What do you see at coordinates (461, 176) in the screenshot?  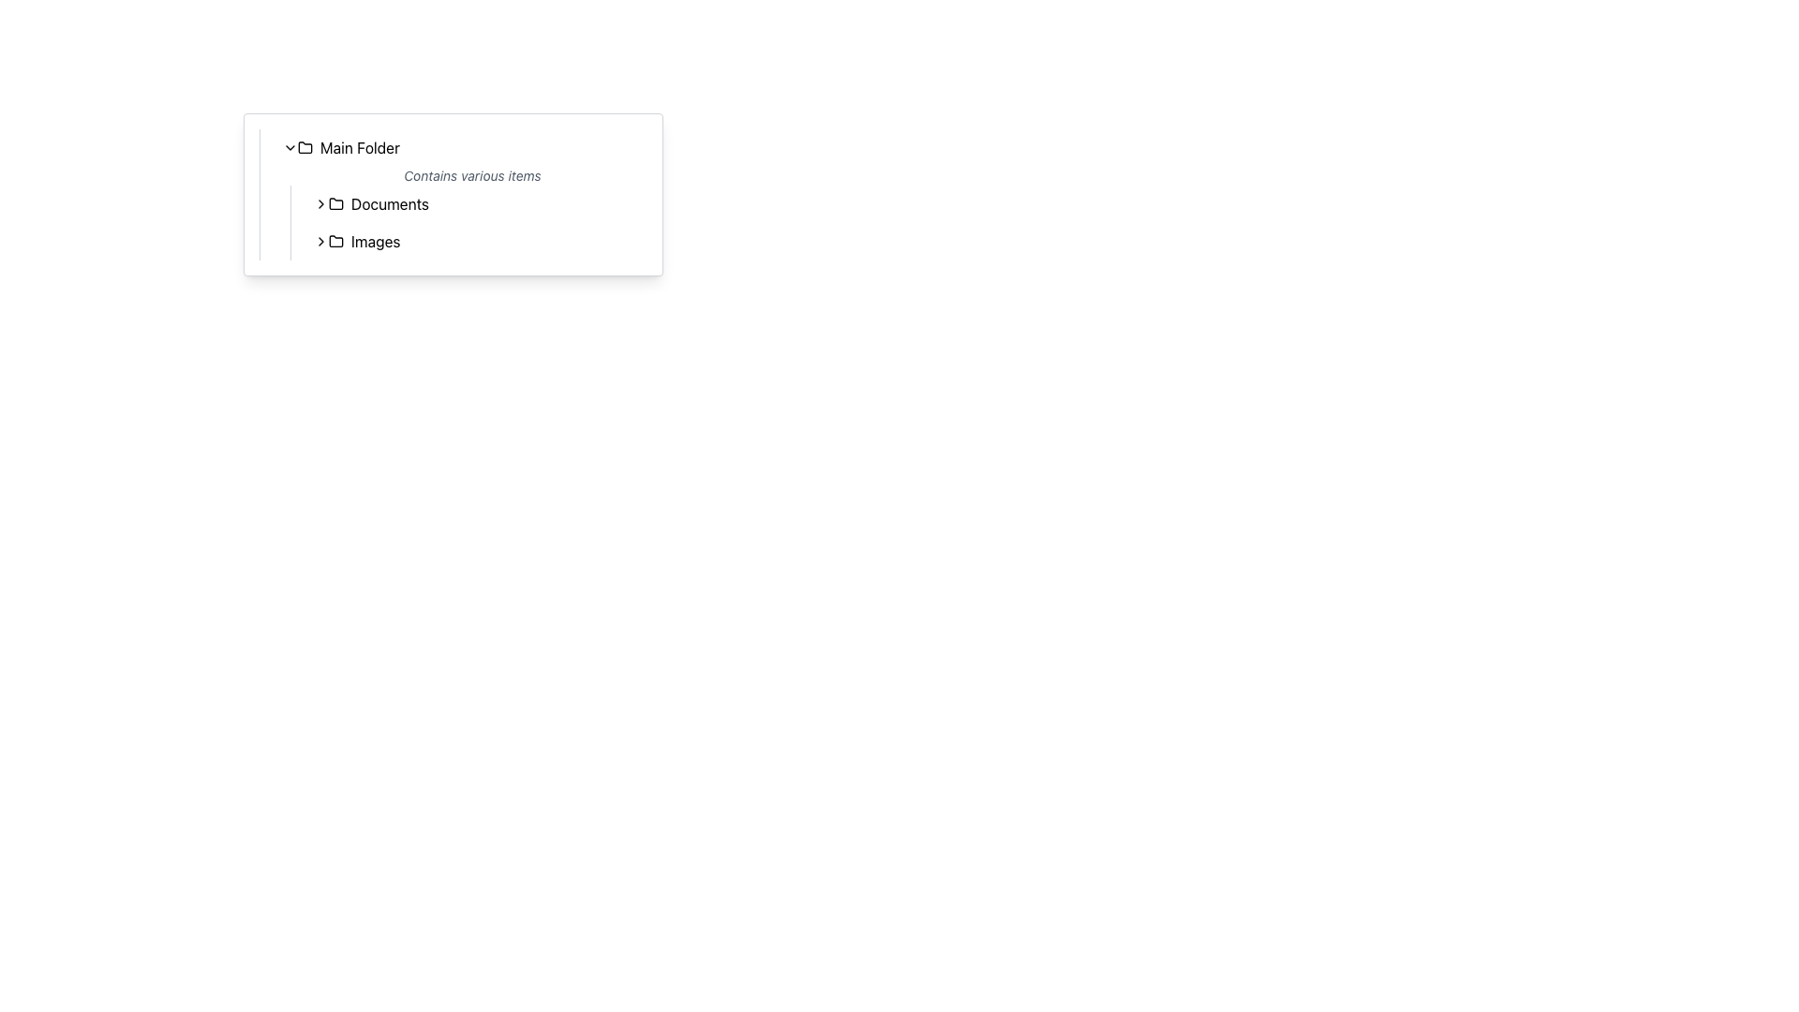 I see `the text label that serves as a descriptor for the 'Main Folder', which is positioned directly below the 'Main Folder' label and above the 'Documents' label` at bounding box center [461, 176].